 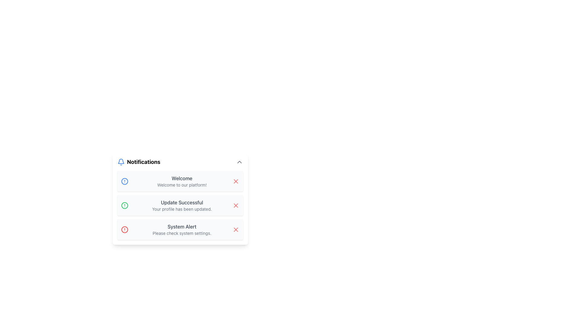 I want to click on the close button located in the 'Update Successful' notification item, so click(x=235, y=205).